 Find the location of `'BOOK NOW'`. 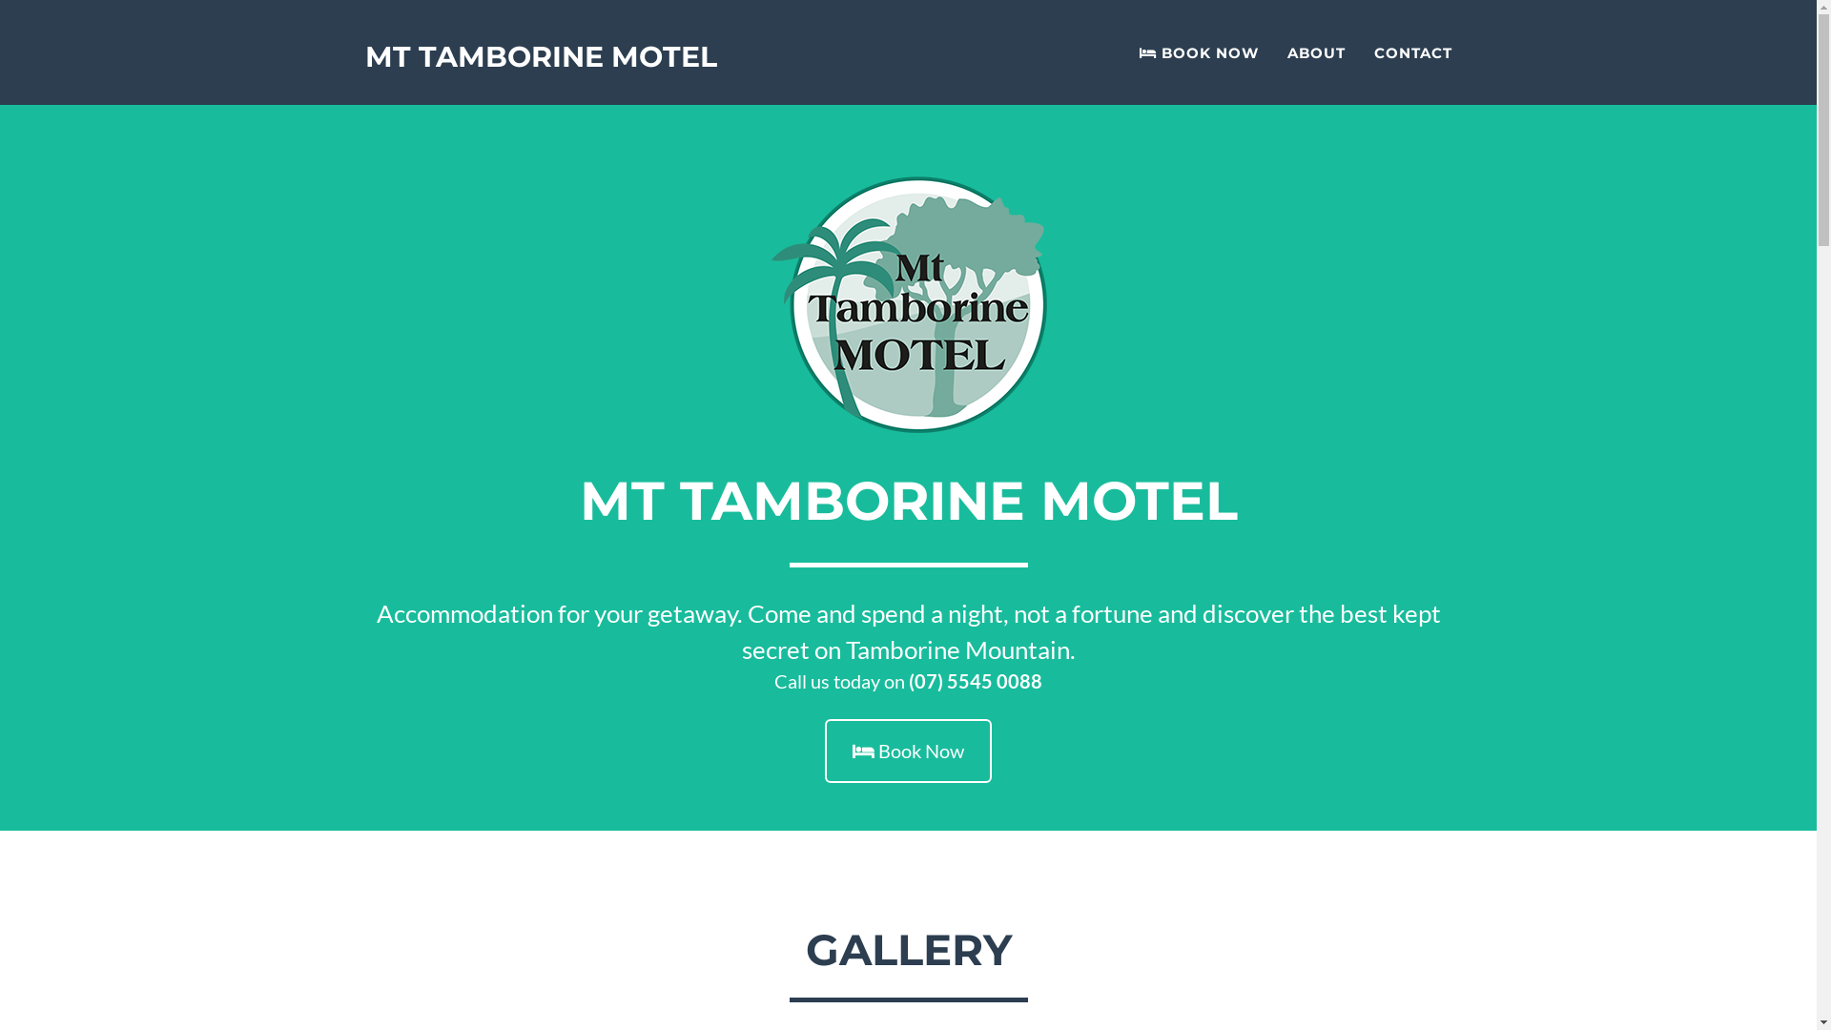

'BOOK NOW' is located at coordinates (1198, 51).